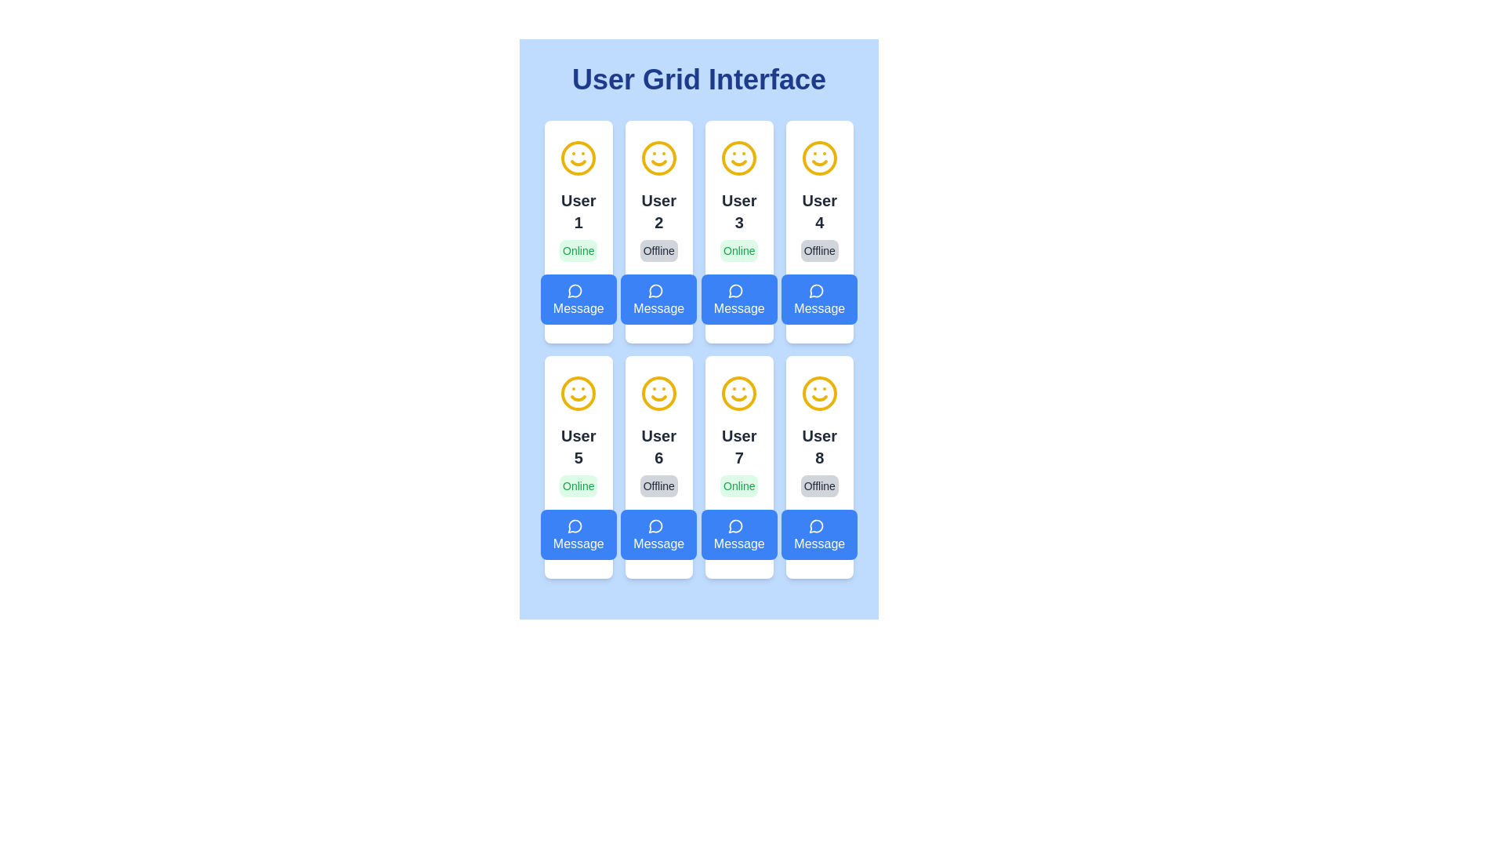 This screenshot has width=1505, height=847. What do you see at coordinates (818, 250) in the screenshot?
I see `the 'Offline' status indicator label for 'User 4' located beneath the username and above the 'Message' button` at bounding box center [818, 250].